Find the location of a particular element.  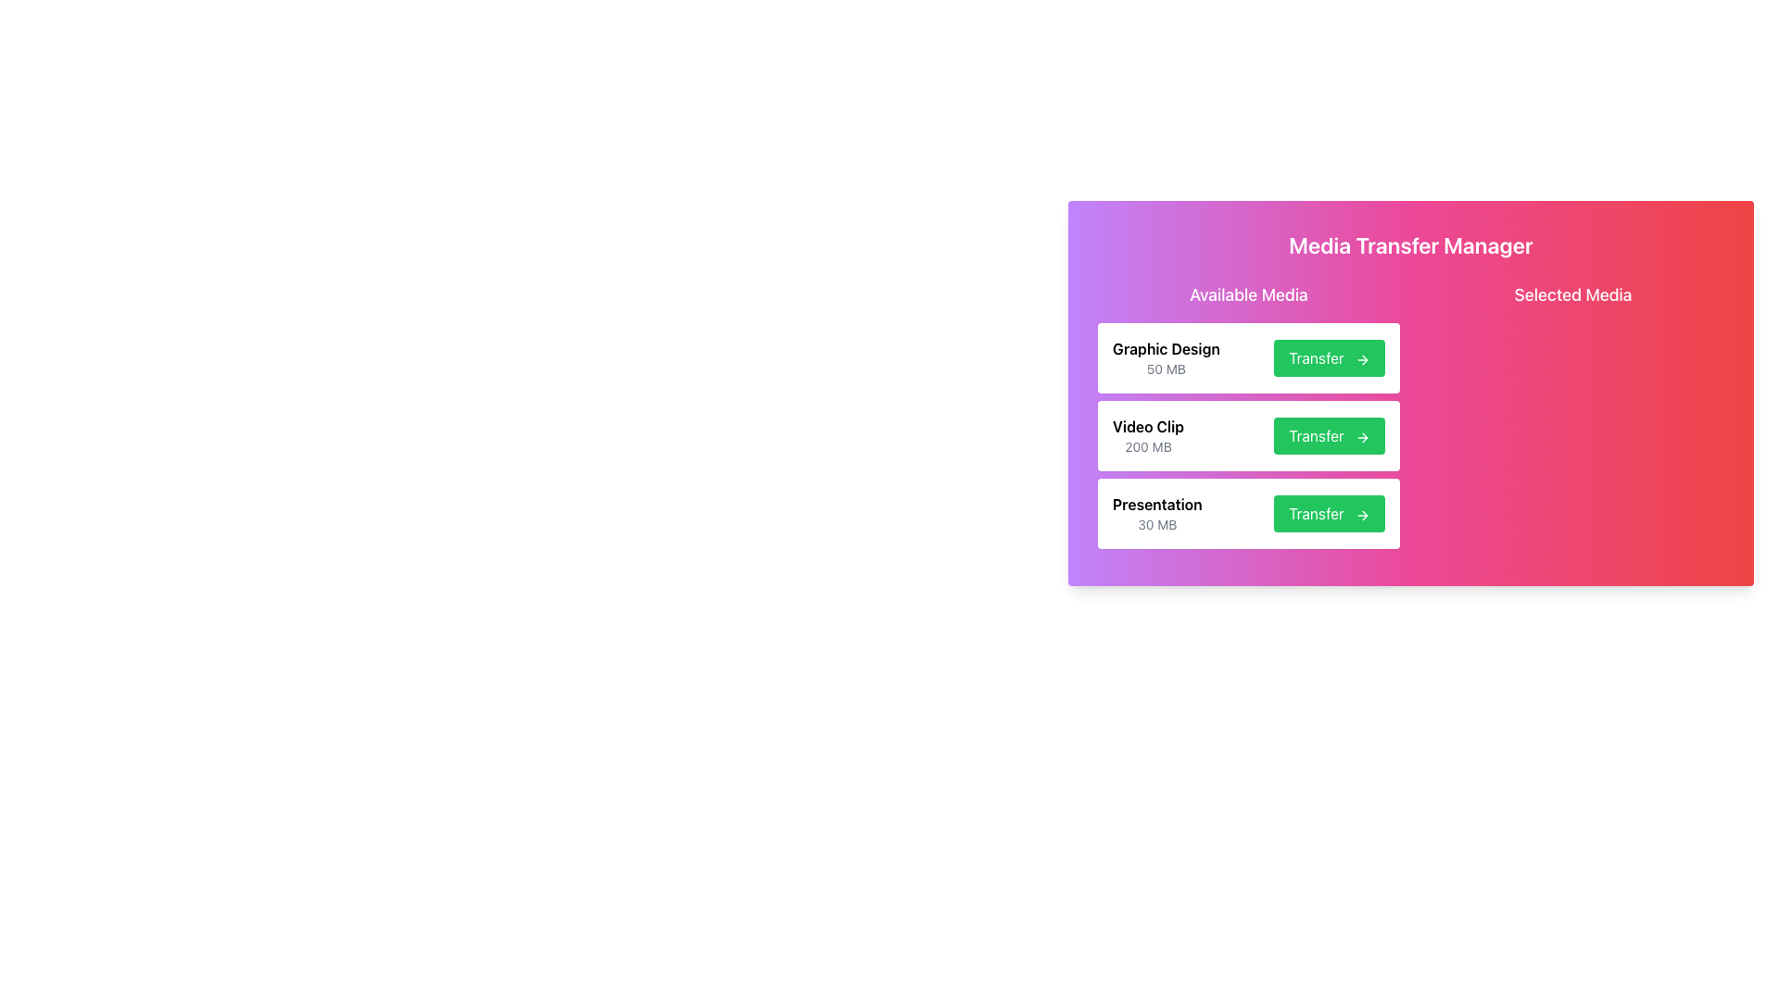

the Text Display element that shows the text 'Presentation' in bold font, located in the third row of the 'Available Media' section within the Media Transfer Manager interface is located at coordinates (1156, 514).